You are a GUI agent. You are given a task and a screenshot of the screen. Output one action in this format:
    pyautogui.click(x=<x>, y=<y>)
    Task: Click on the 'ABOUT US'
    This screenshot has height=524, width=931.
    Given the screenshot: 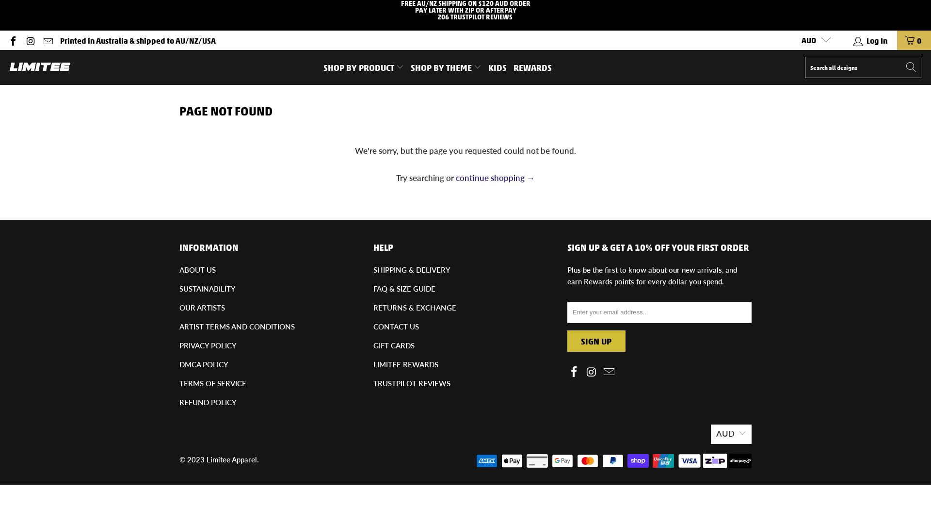 What is the action you would take?
    pyautogui.click(x=197, y=269)
    